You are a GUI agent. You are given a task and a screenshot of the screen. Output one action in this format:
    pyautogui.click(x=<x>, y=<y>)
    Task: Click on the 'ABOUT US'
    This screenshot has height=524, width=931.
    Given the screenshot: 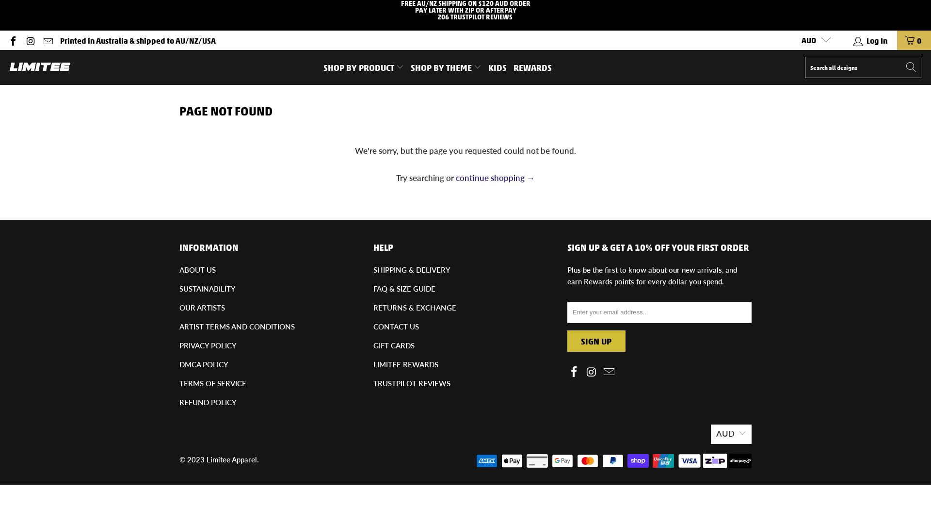 What is the action you would take?
    pyautogui.click(x=197, y=269)
    